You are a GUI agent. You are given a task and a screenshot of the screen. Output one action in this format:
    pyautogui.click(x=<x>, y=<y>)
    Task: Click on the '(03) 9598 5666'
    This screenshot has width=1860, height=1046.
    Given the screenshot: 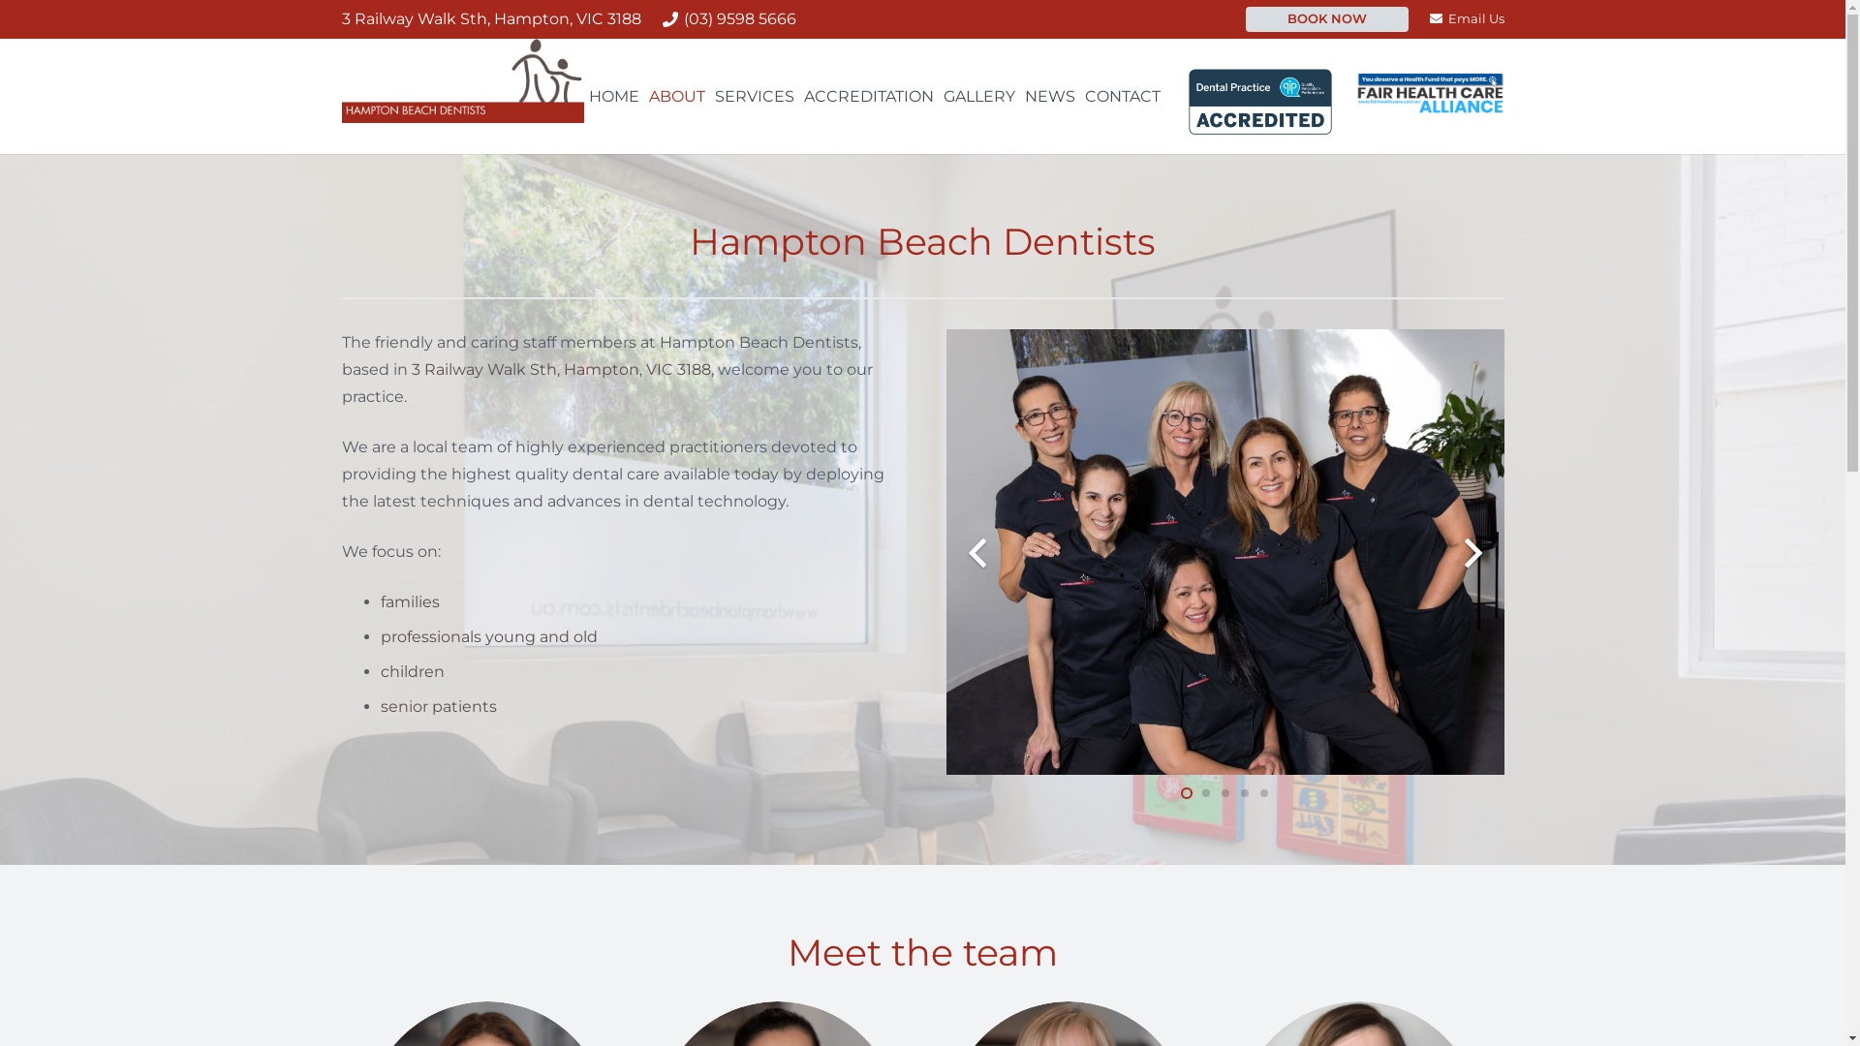 What is the action you would take?
    pyautogui.click(x=728, y=18)
    